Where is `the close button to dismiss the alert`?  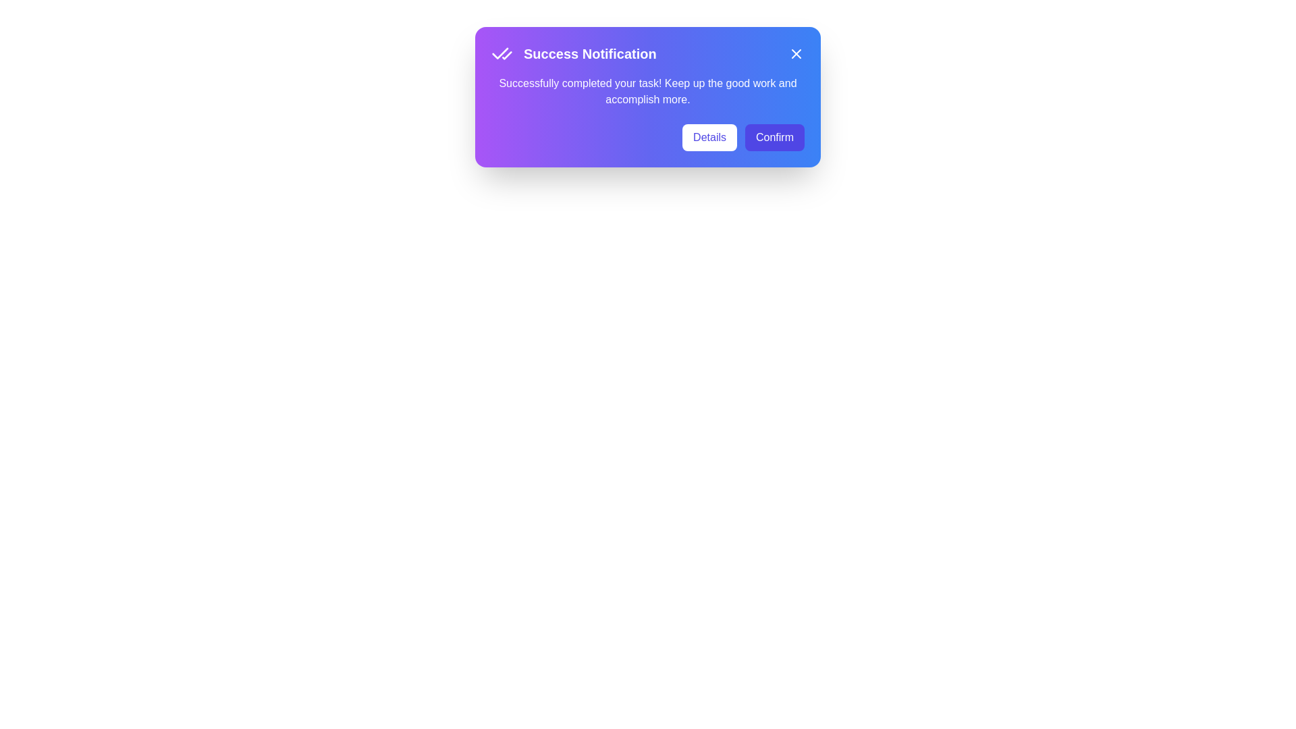
the close button to dismiss the alert is located at coordinates (796, 53).